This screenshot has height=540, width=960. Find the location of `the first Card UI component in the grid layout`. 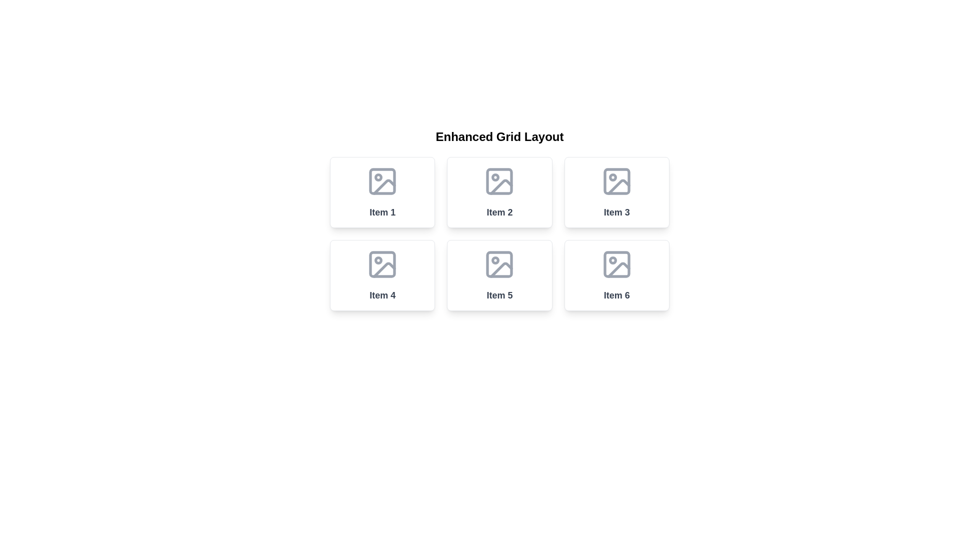

the first Card UI component in the grid layout is located at coordinates (382, 192).